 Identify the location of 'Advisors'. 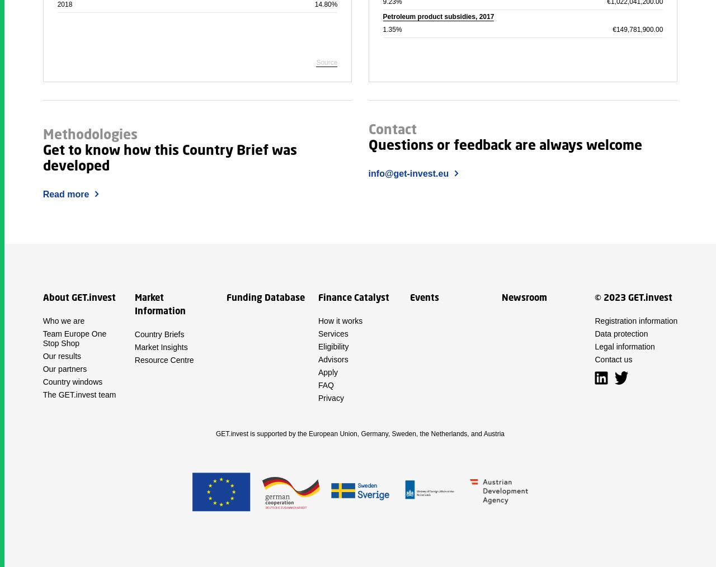
(317, 358).